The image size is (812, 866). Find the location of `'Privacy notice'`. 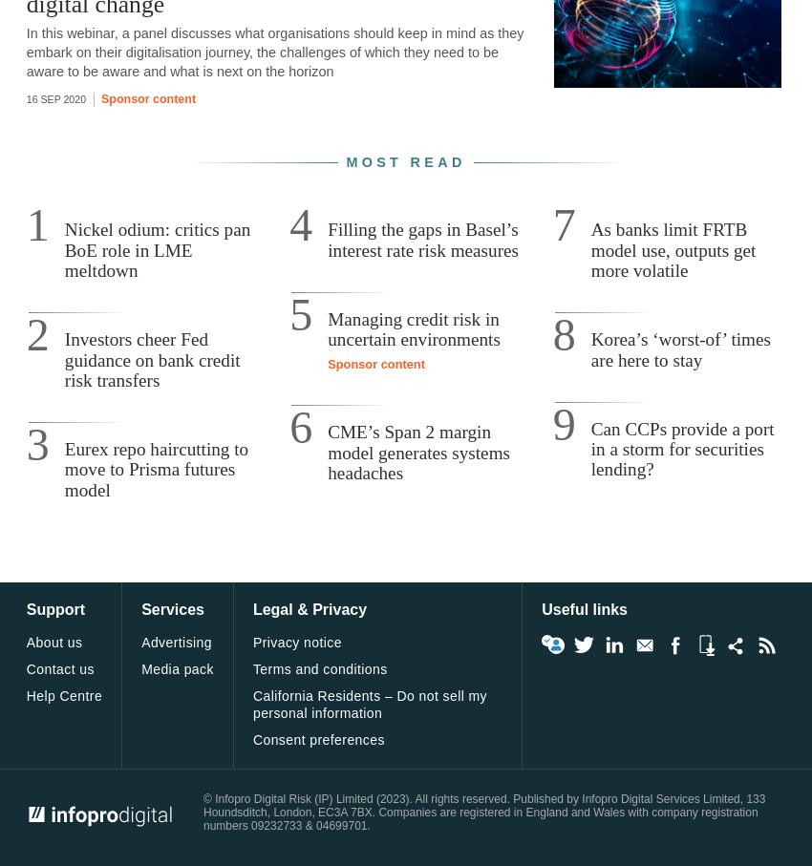

'Privacy notice' is located at coordinates (296, 641).